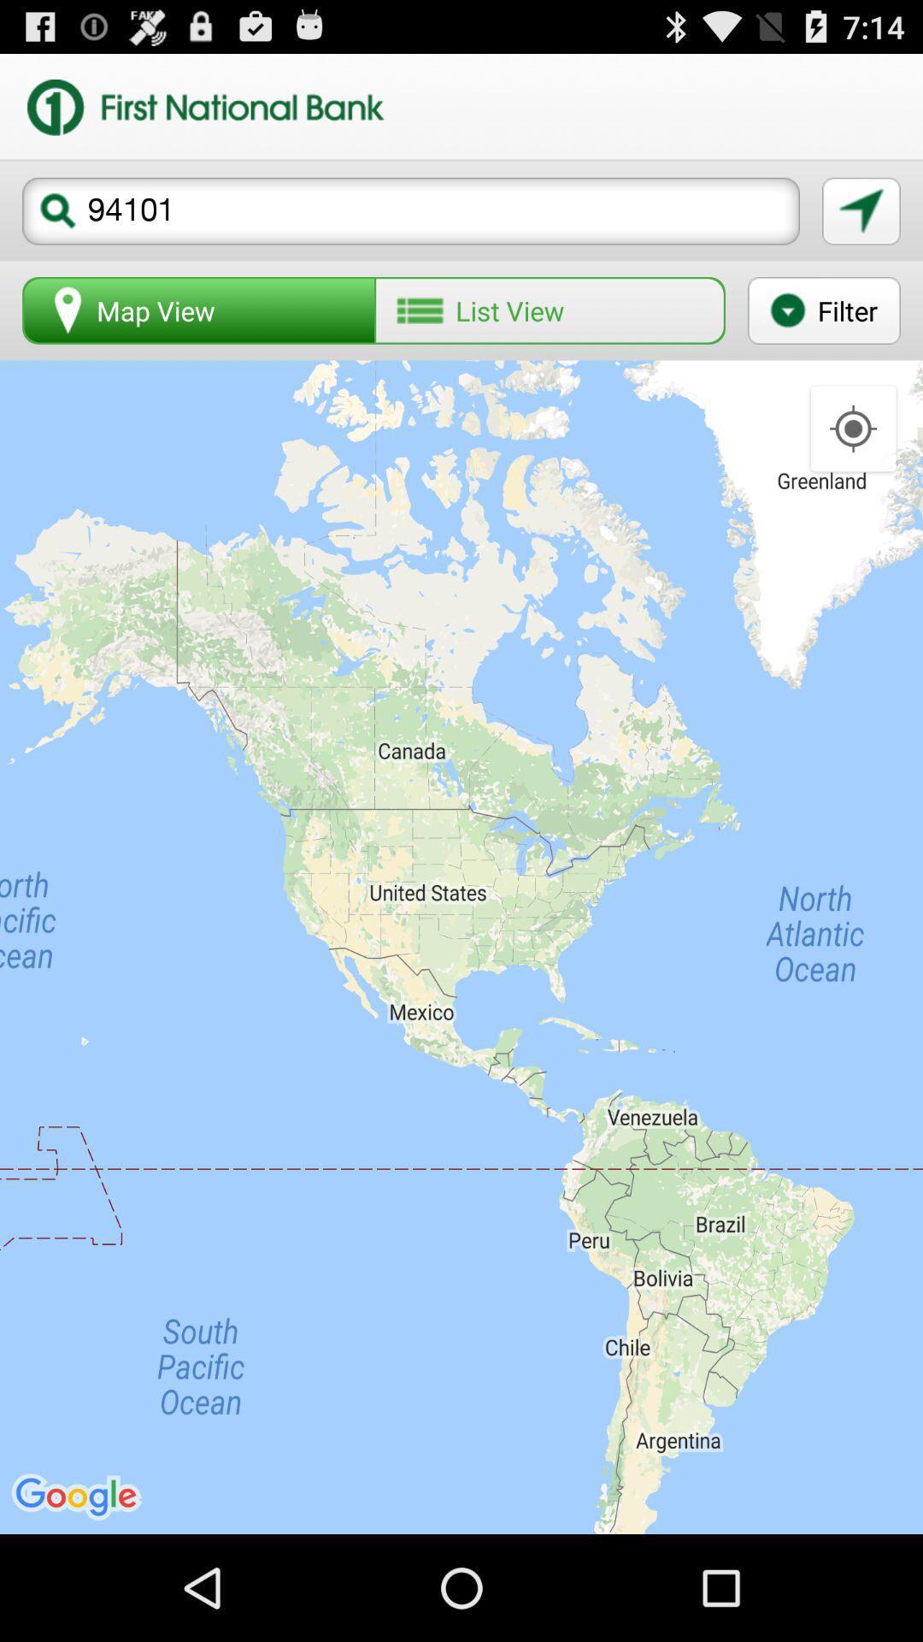  Describe the element at coordinates (198, 310) in the screenshot. I see `icon next to the list view` at that location.